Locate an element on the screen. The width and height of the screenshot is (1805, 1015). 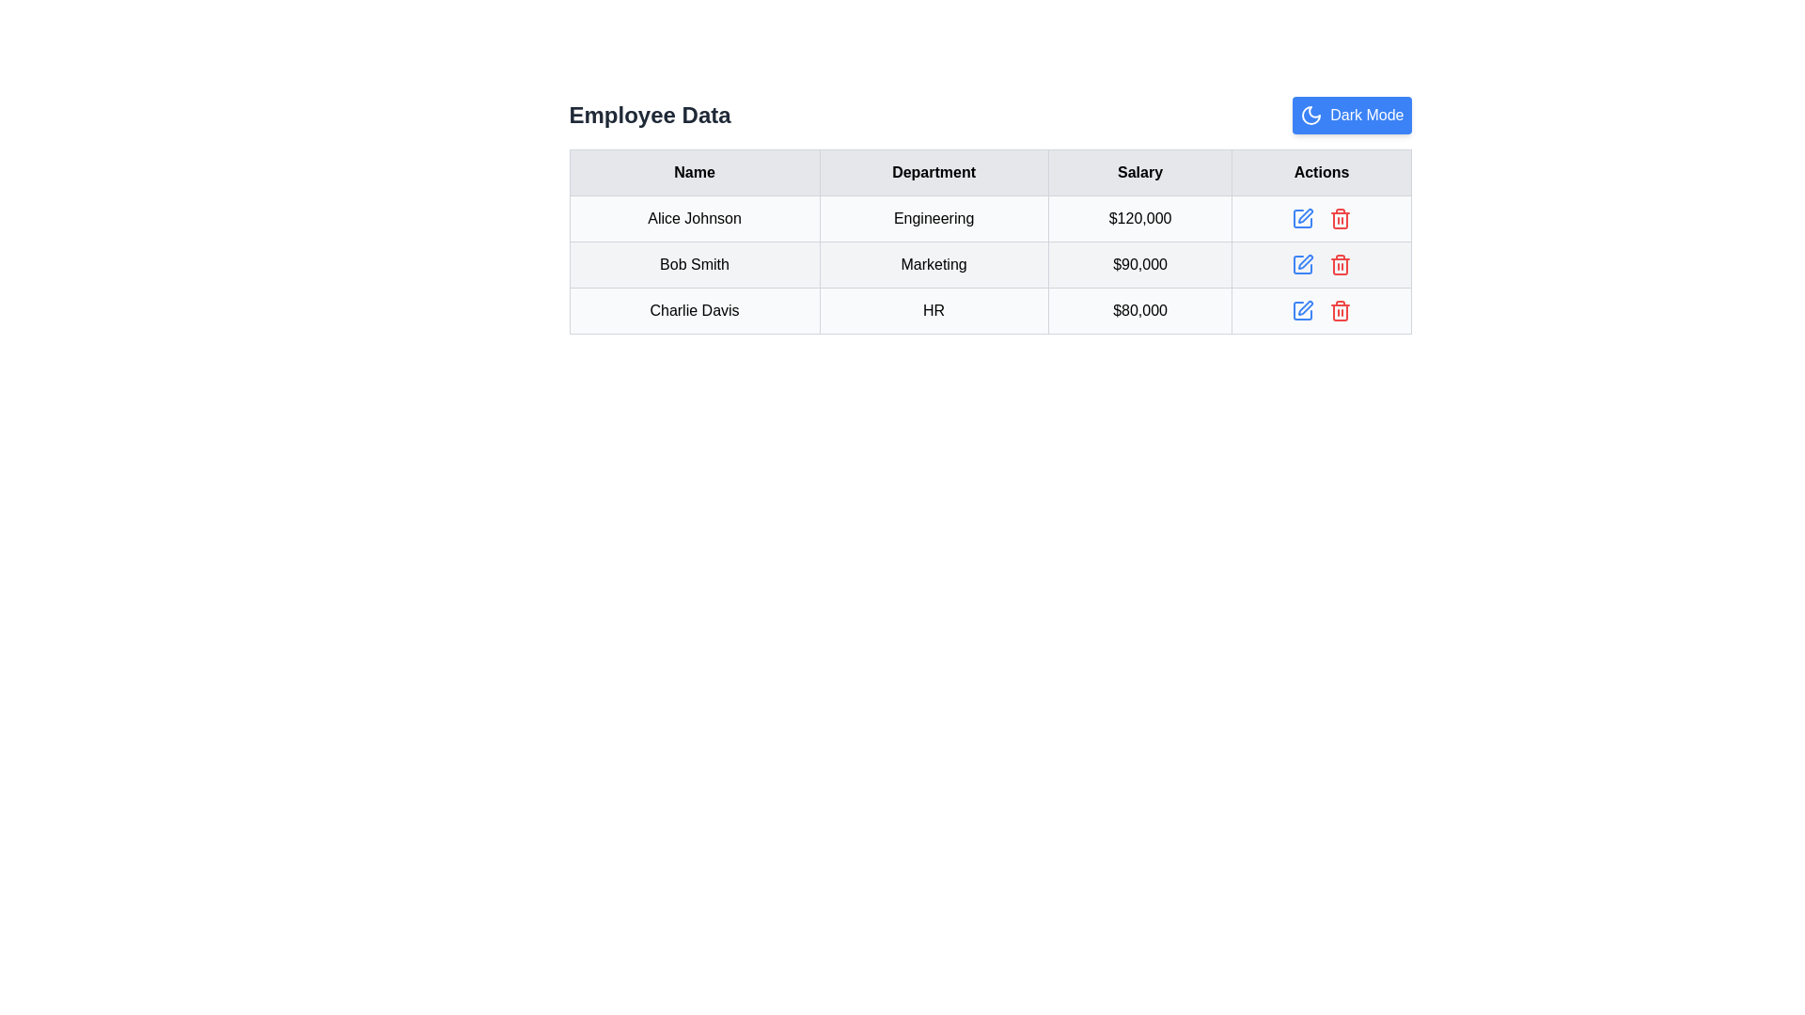
text label 'Dark Mode' which indicates the feature to toggle the dark mode theme of the application, located in the upper-right corner of the interface within the button labeled 'Dark Mode.' is located at coordinates (1367, 116).